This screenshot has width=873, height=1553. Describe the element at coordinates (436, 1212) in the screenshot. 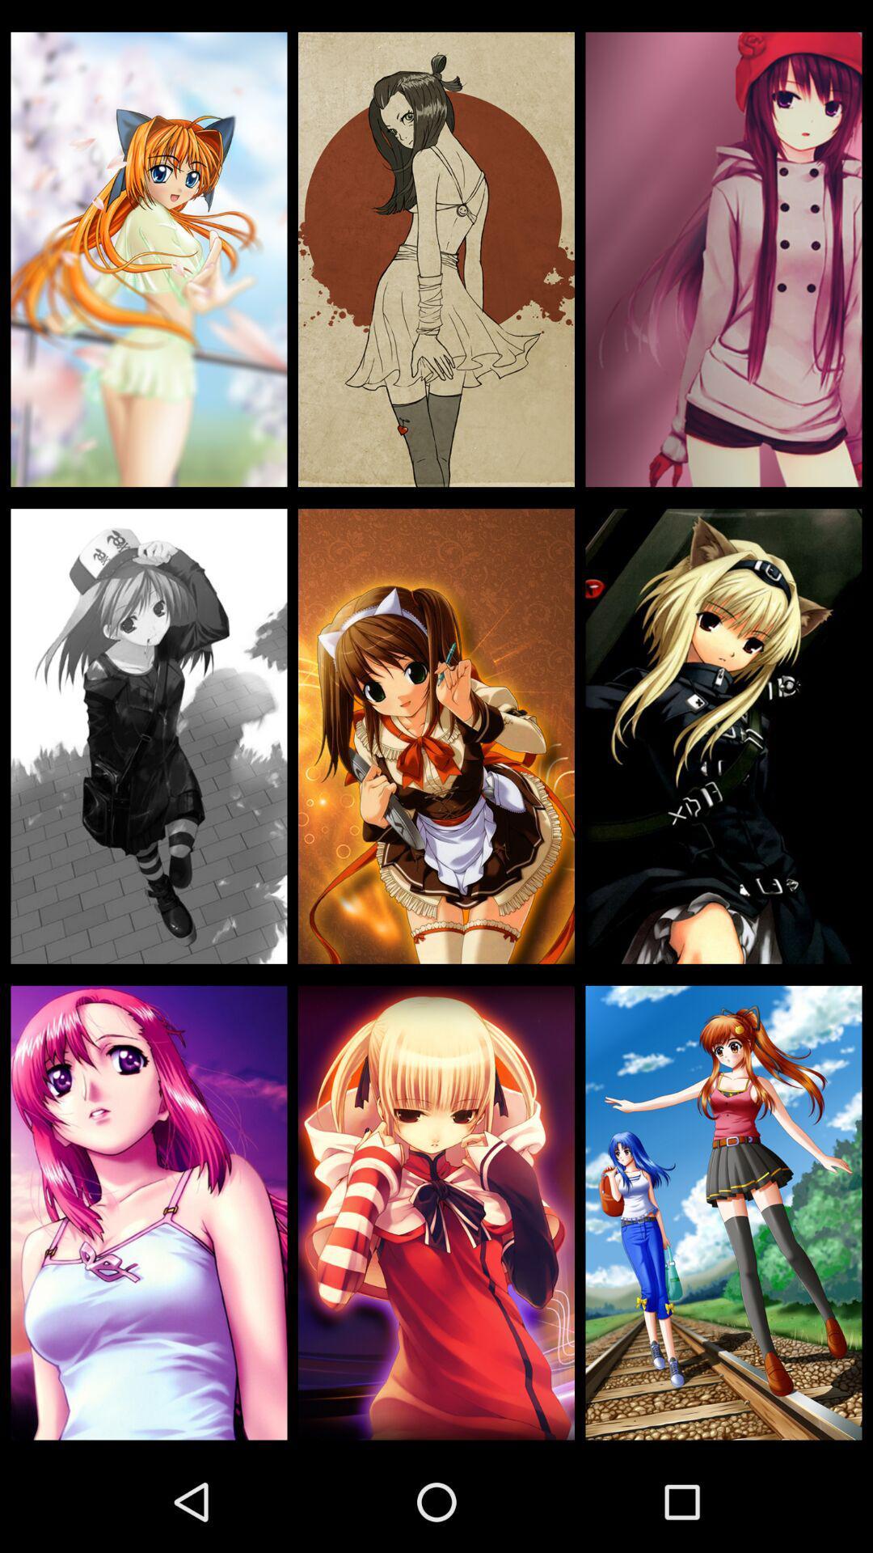

I see `avatar` at that location.